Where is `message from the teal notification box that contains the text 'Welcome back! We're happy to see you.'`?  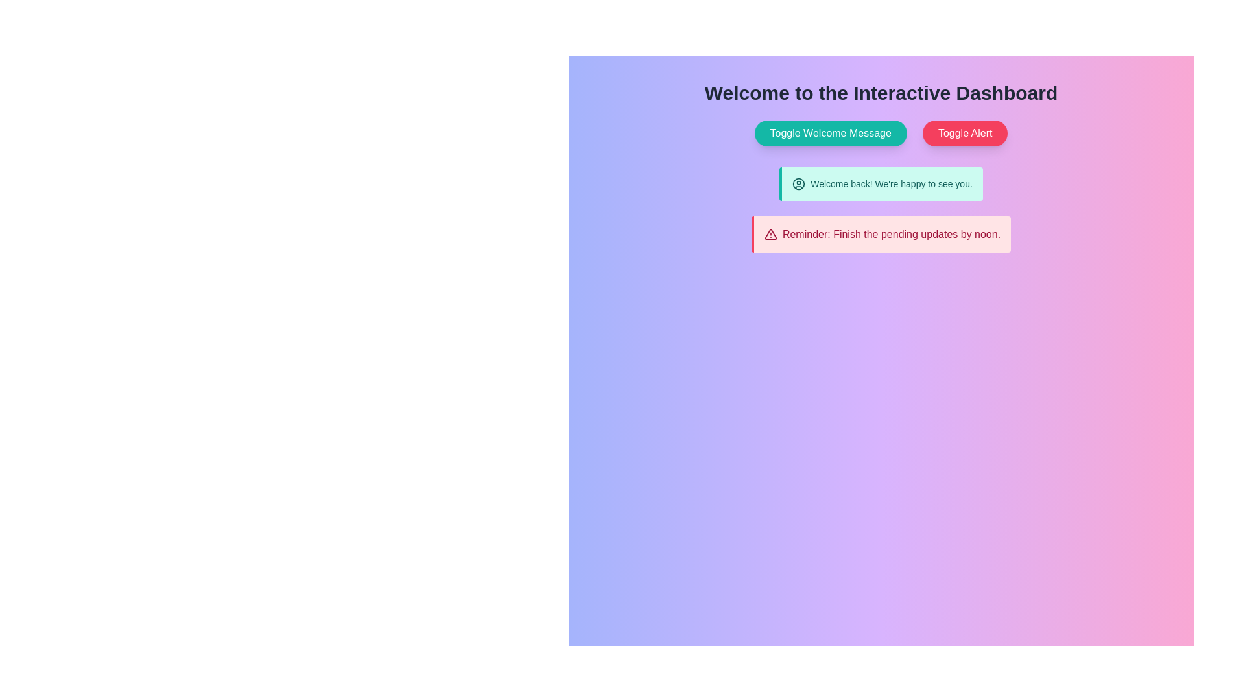 message from the teal notification box that contains the text 'Welcome back! We're happy to see you.' is located at coordinates (881, 184).